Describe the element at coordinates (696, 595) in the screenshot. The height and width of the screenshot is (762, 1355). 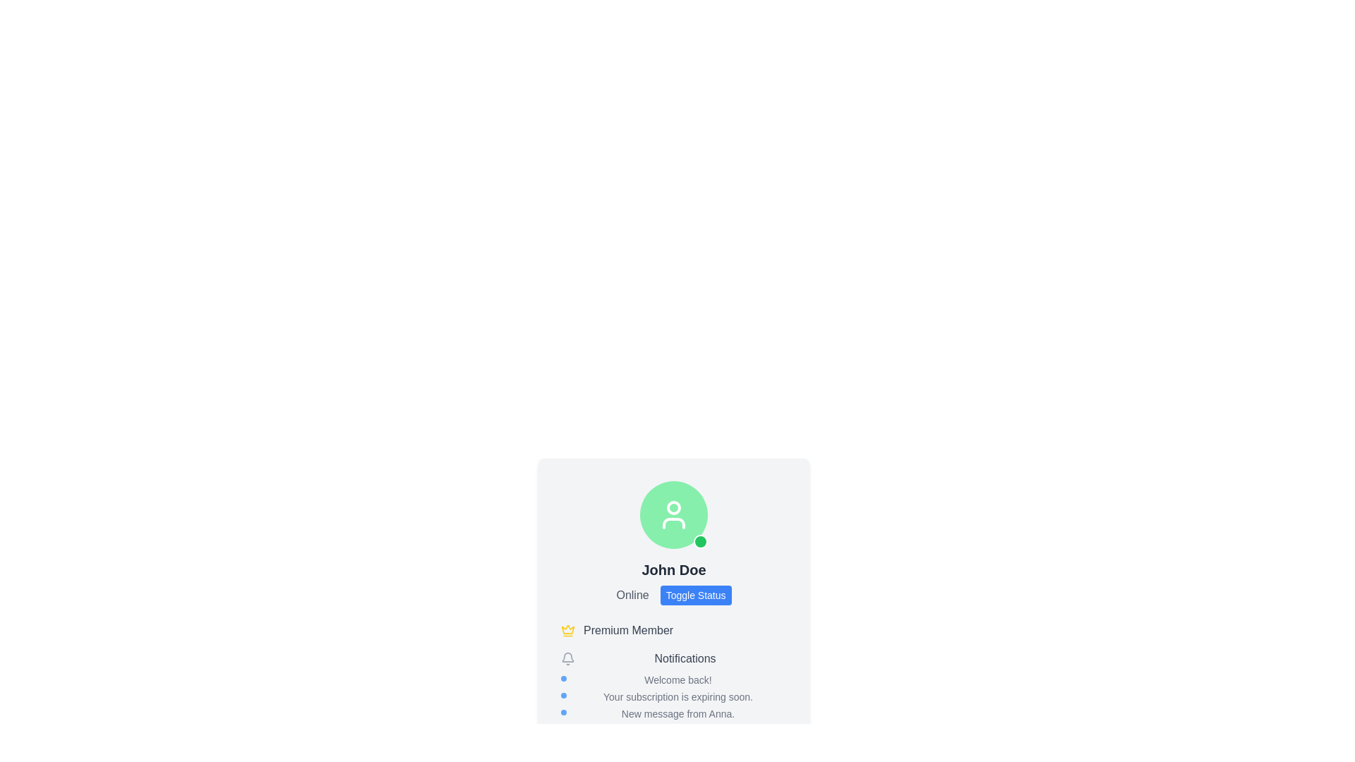
I see `the rectangular button with a blue background and white text reading 'Toggle Status'` at that location.